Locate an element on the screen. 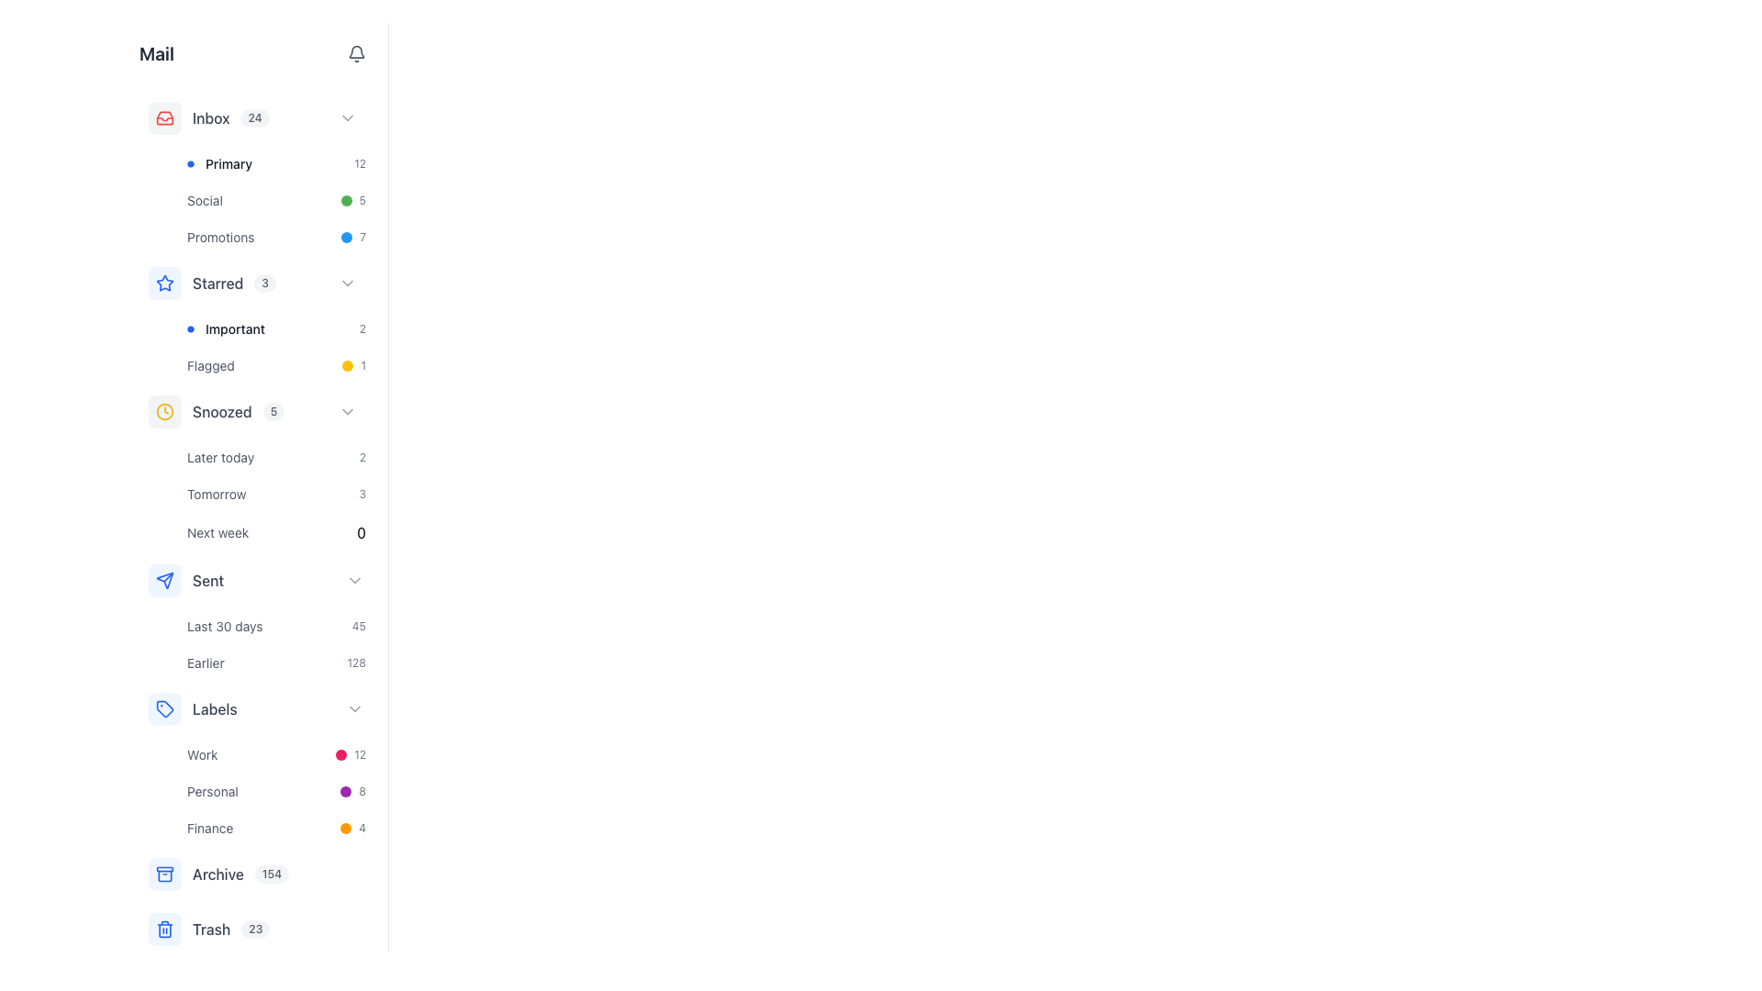  the 'Snoozed' sidebar menu item with a badge displaying '5' is located at coordinates (237, 410).